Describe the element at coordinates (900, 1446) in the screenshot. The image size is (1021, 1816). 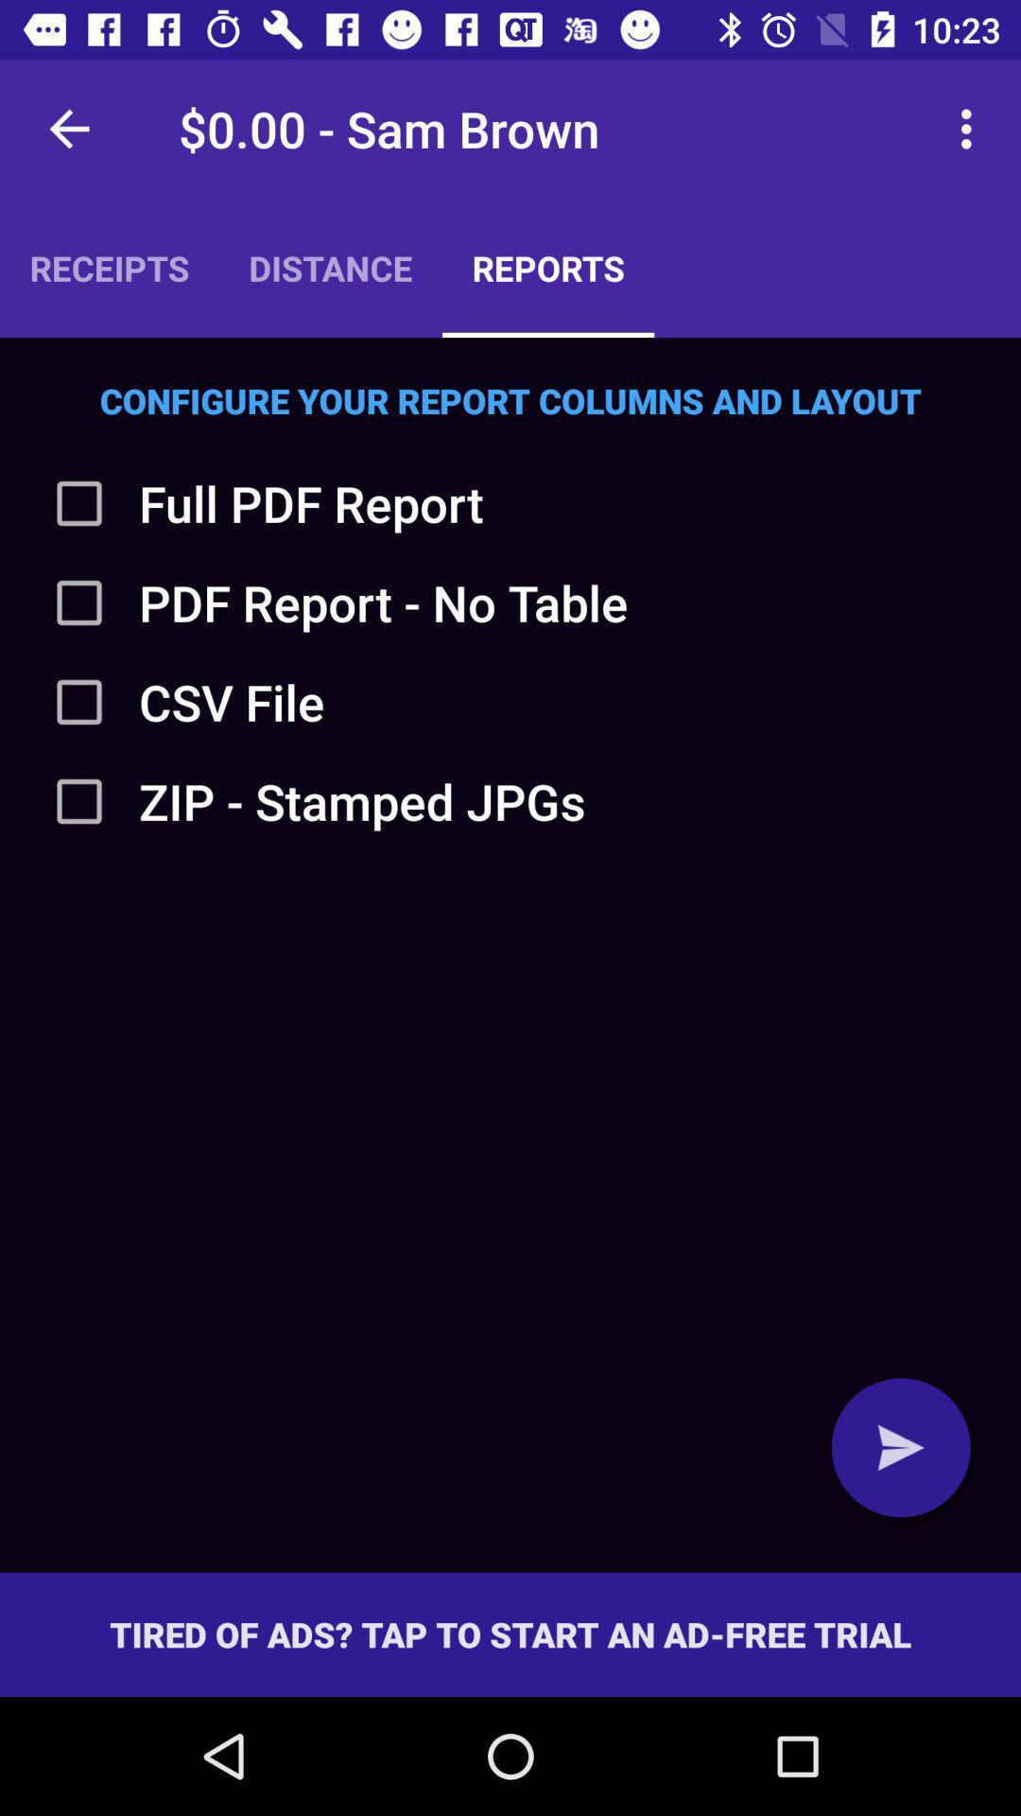
I see `send` at that location.